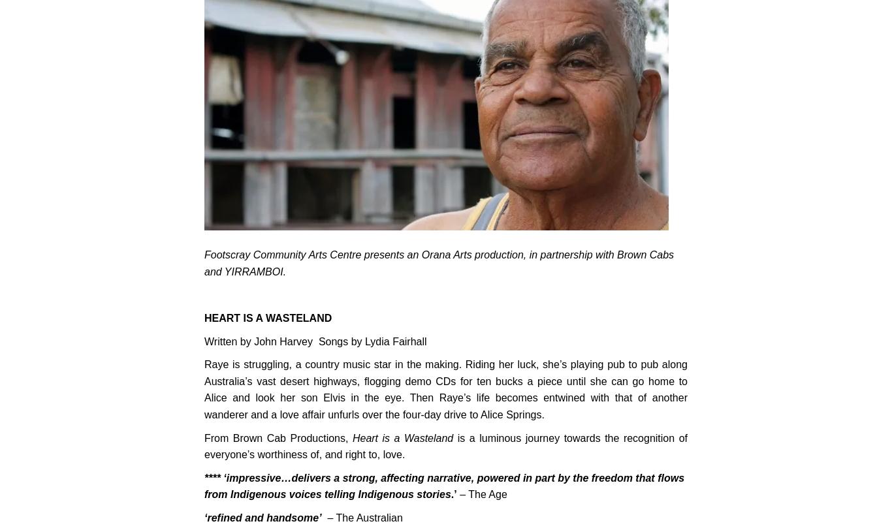 The image size is (892, 530). Describe the element at coordinates (262, 518) in the screenshot. I see `'‘refined and handsome’'` at that location.